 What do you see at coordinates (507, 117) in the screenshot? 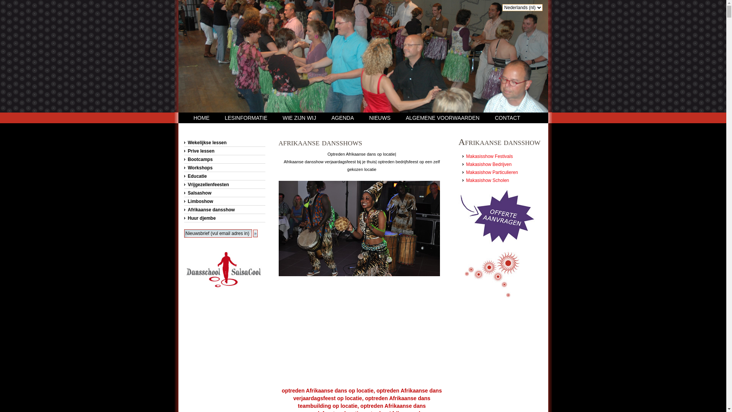
I see `'CONTACT'` at bounding box center [507, 117].